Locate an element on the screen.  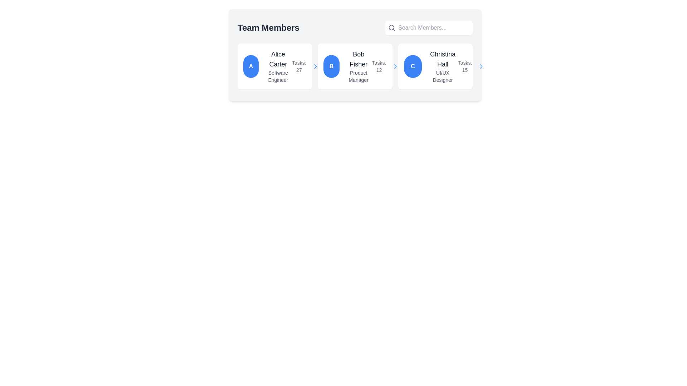
the Avatar Badge, which is a circular badge with a blue background and a white bold letter 'B', located under the 'Team Members' section in Bob Fisher's profile card is located at coordinates (331, 66).